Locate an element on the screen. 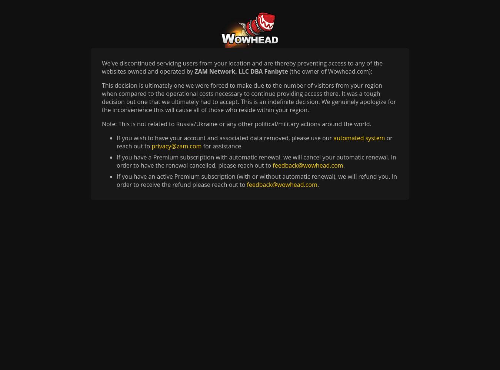 The height and width of the screenshot is (370, 500). 'for assistance.' is located at coordinates (222, 146).